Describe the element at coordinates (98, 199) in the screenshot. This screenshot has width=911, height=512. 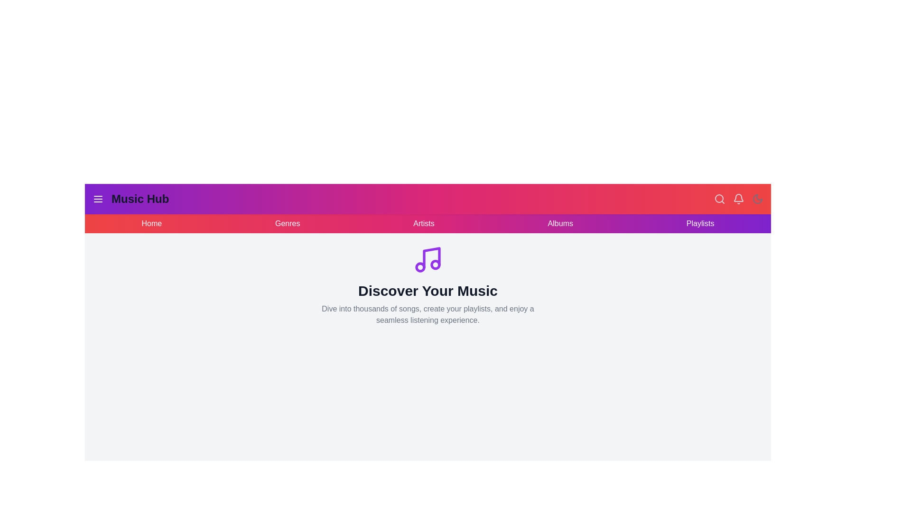
I see `the menu button to toggle the navigation menu` at that location.